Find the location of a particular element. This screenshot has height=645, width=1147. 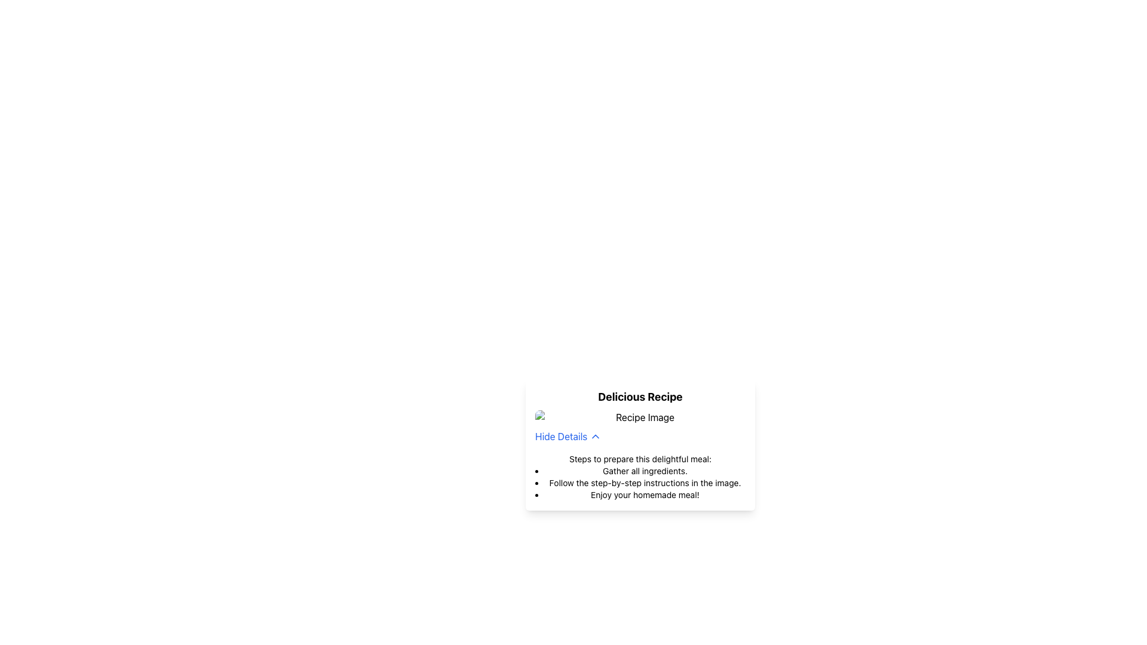

the text block reading 'Steps to prepare this delightful meal:', which is centrally aligned and positioned above a bulleted list is located at coordinates (639, 456).